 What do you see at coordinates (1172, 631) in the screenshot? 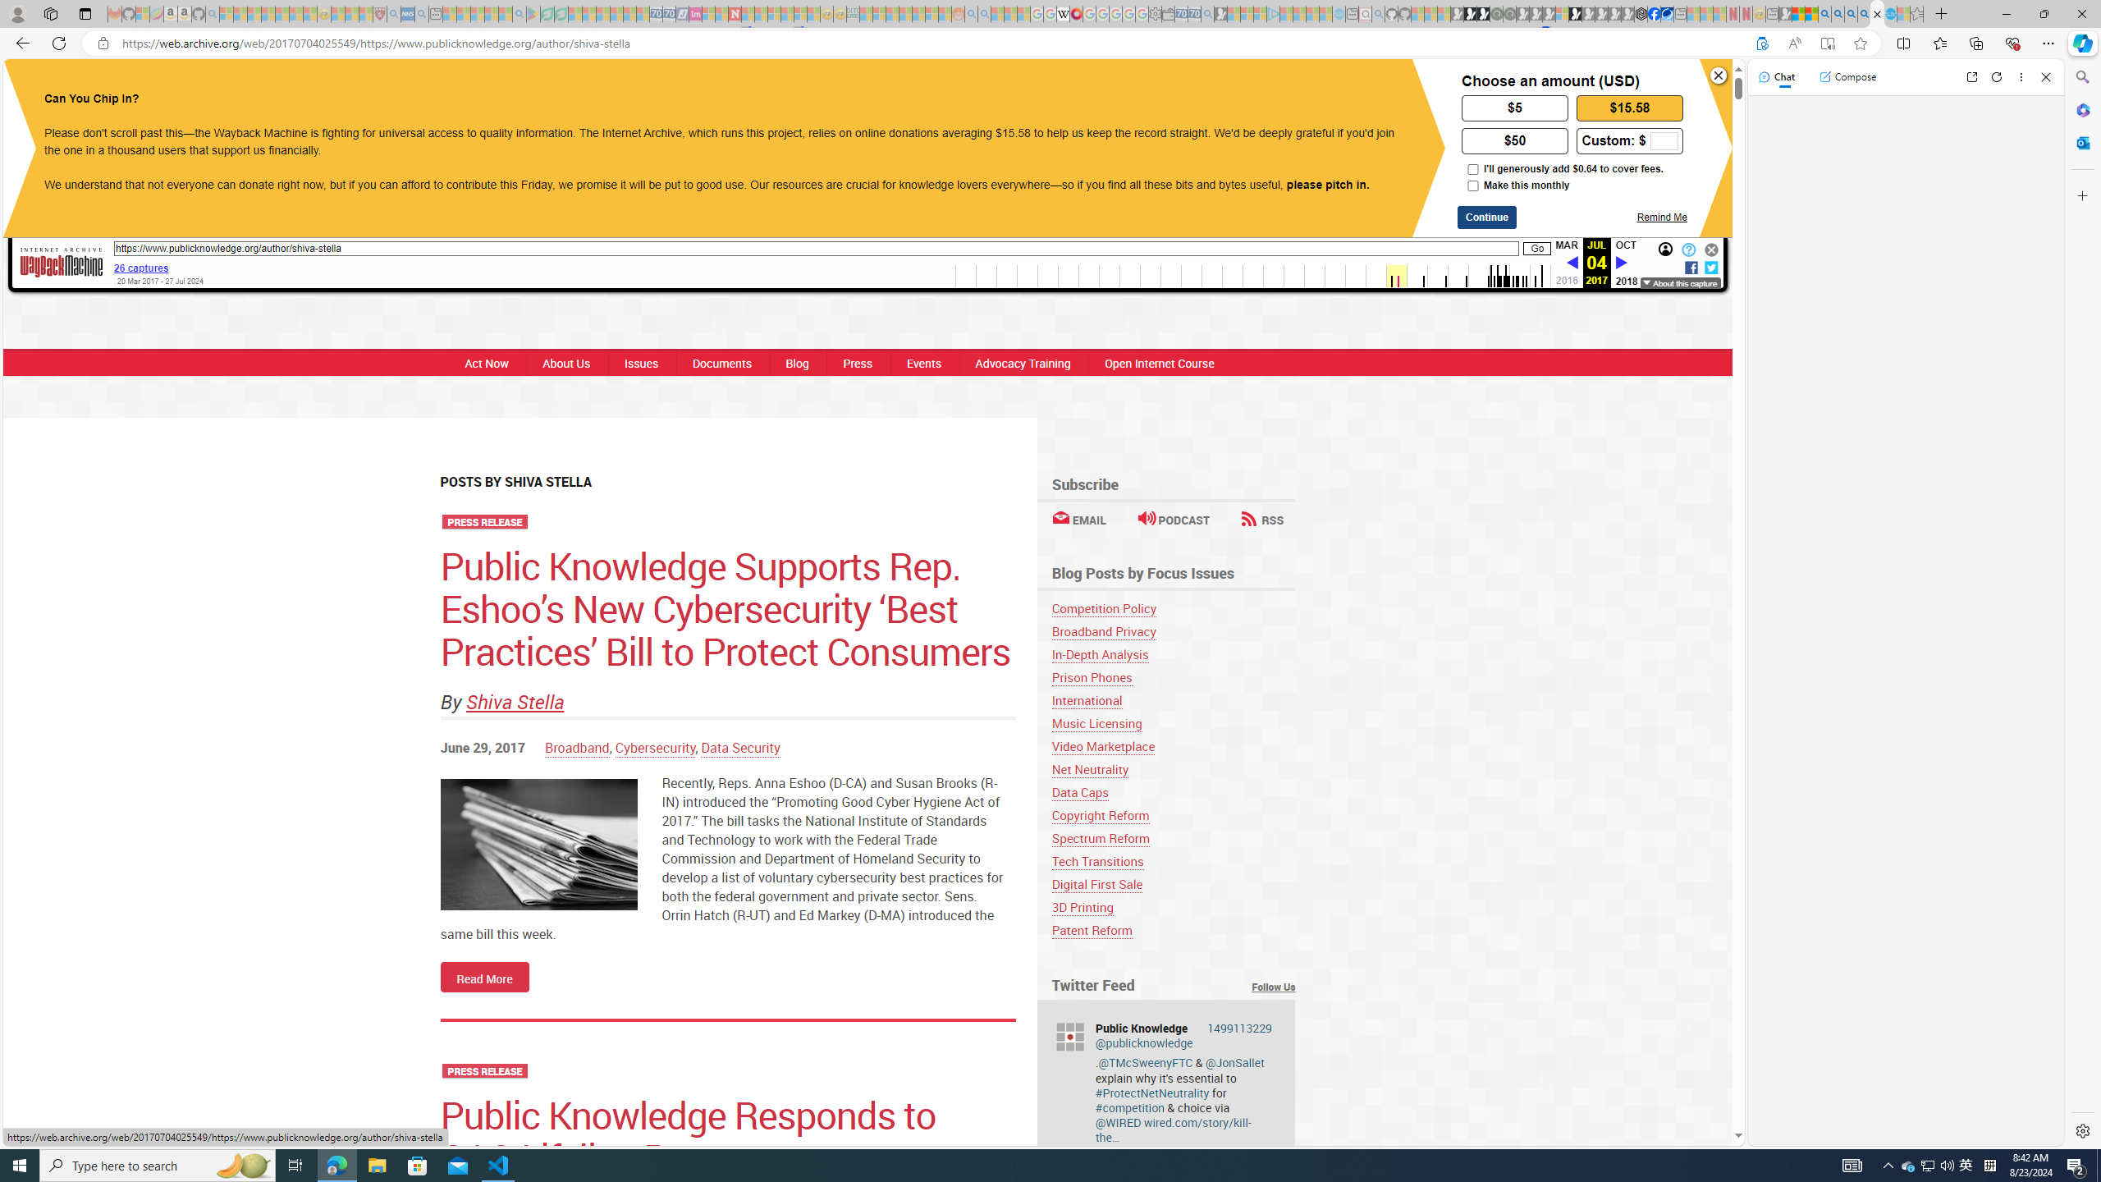
I see `'Broadband Privacy'` at bounding box center [1172, 631].